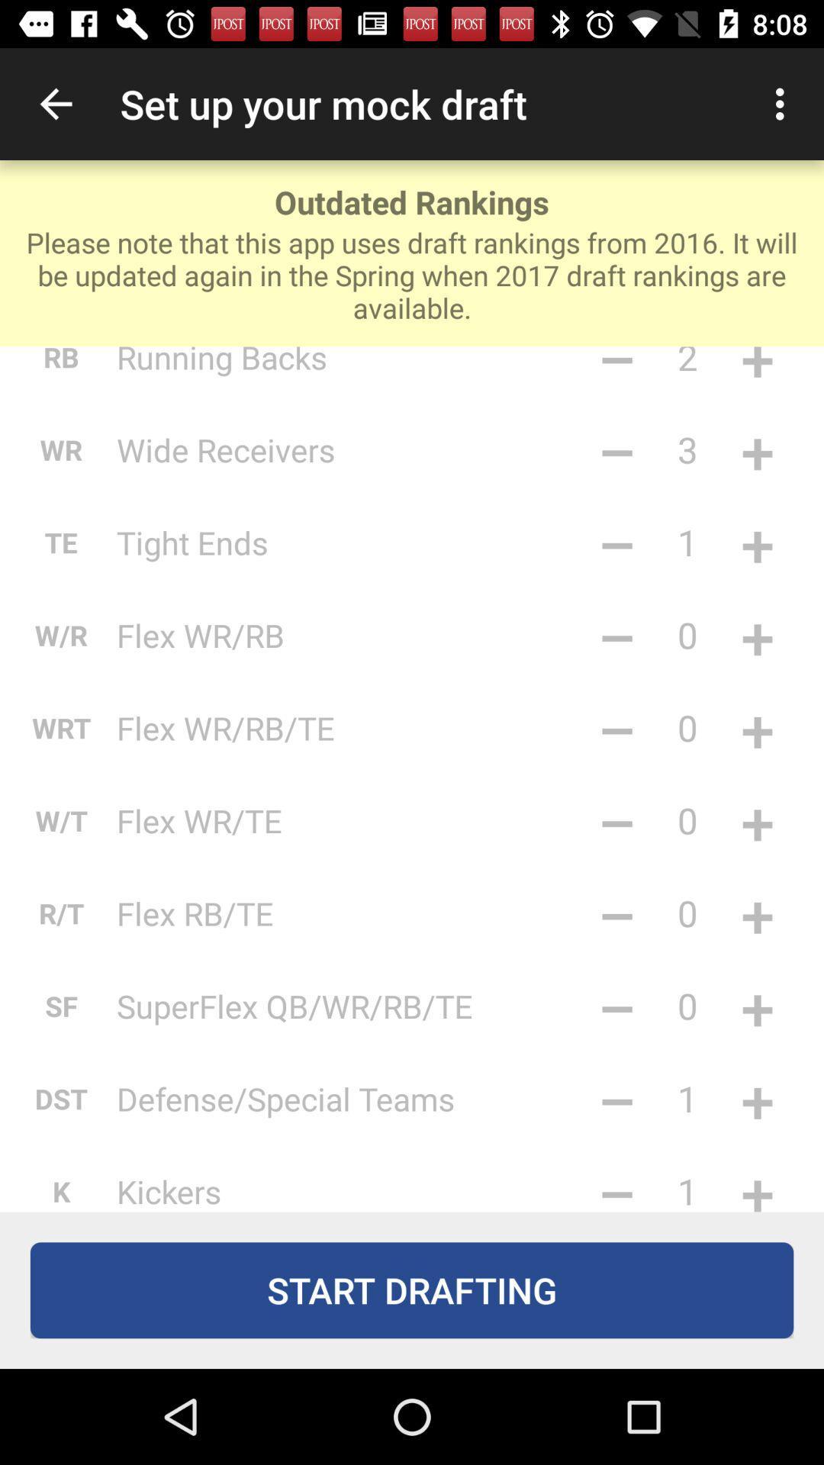 The width and height of the screenshot is (824, 1465). What do you see at coordinates (757, 371) in the screenshot?
I see `item to the right of 2 item` at bounding box center [757, 371].